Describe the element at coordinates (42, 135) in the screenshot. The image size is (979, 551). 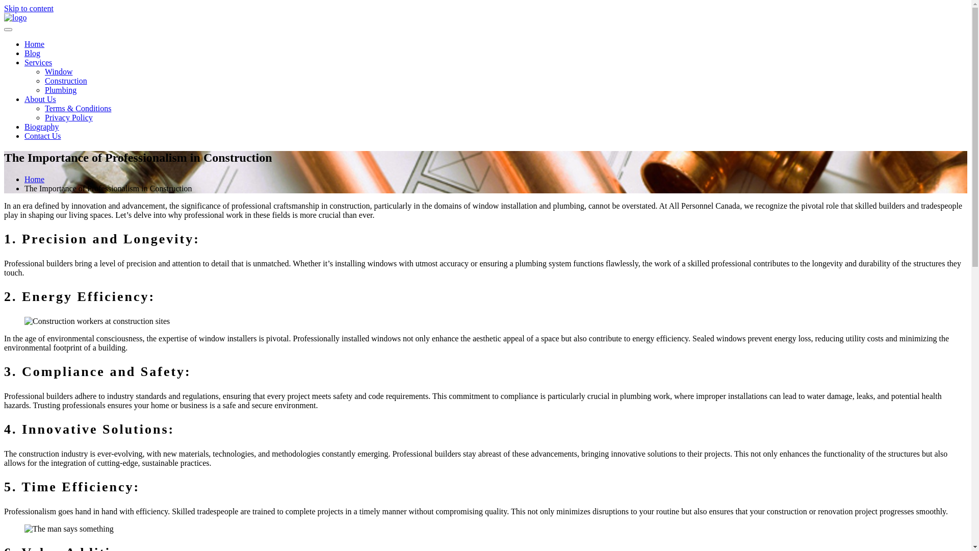
I see `'Contact Us'` at that location.